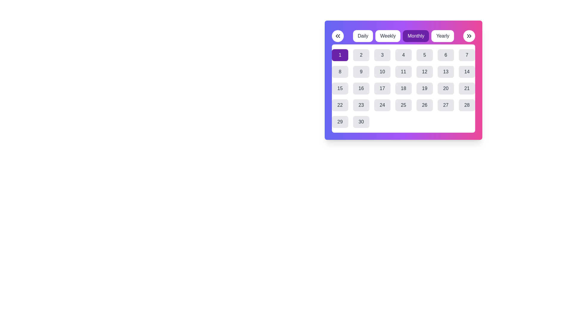 This screenshot has width=572, height=322. I want to click on the 'Monthly' button, so click(416, 36).